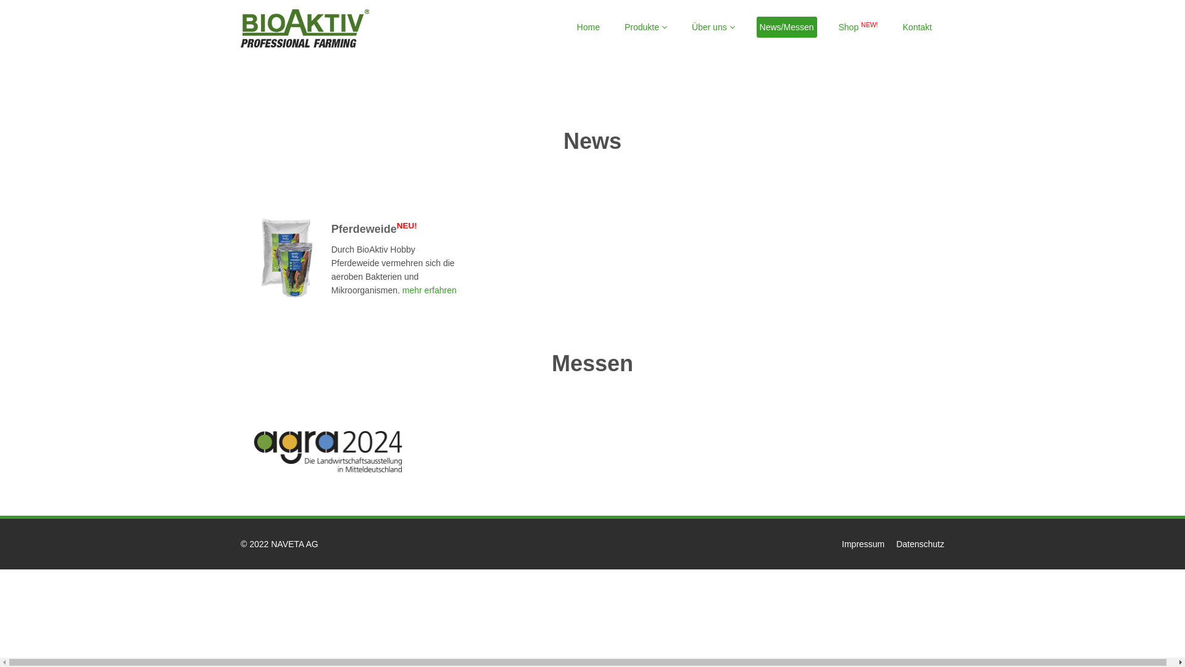  What do you see at coordinates (428, 290) in the screenshot?
I see `'mehr erfahren'` at bounding box center [428, 290].